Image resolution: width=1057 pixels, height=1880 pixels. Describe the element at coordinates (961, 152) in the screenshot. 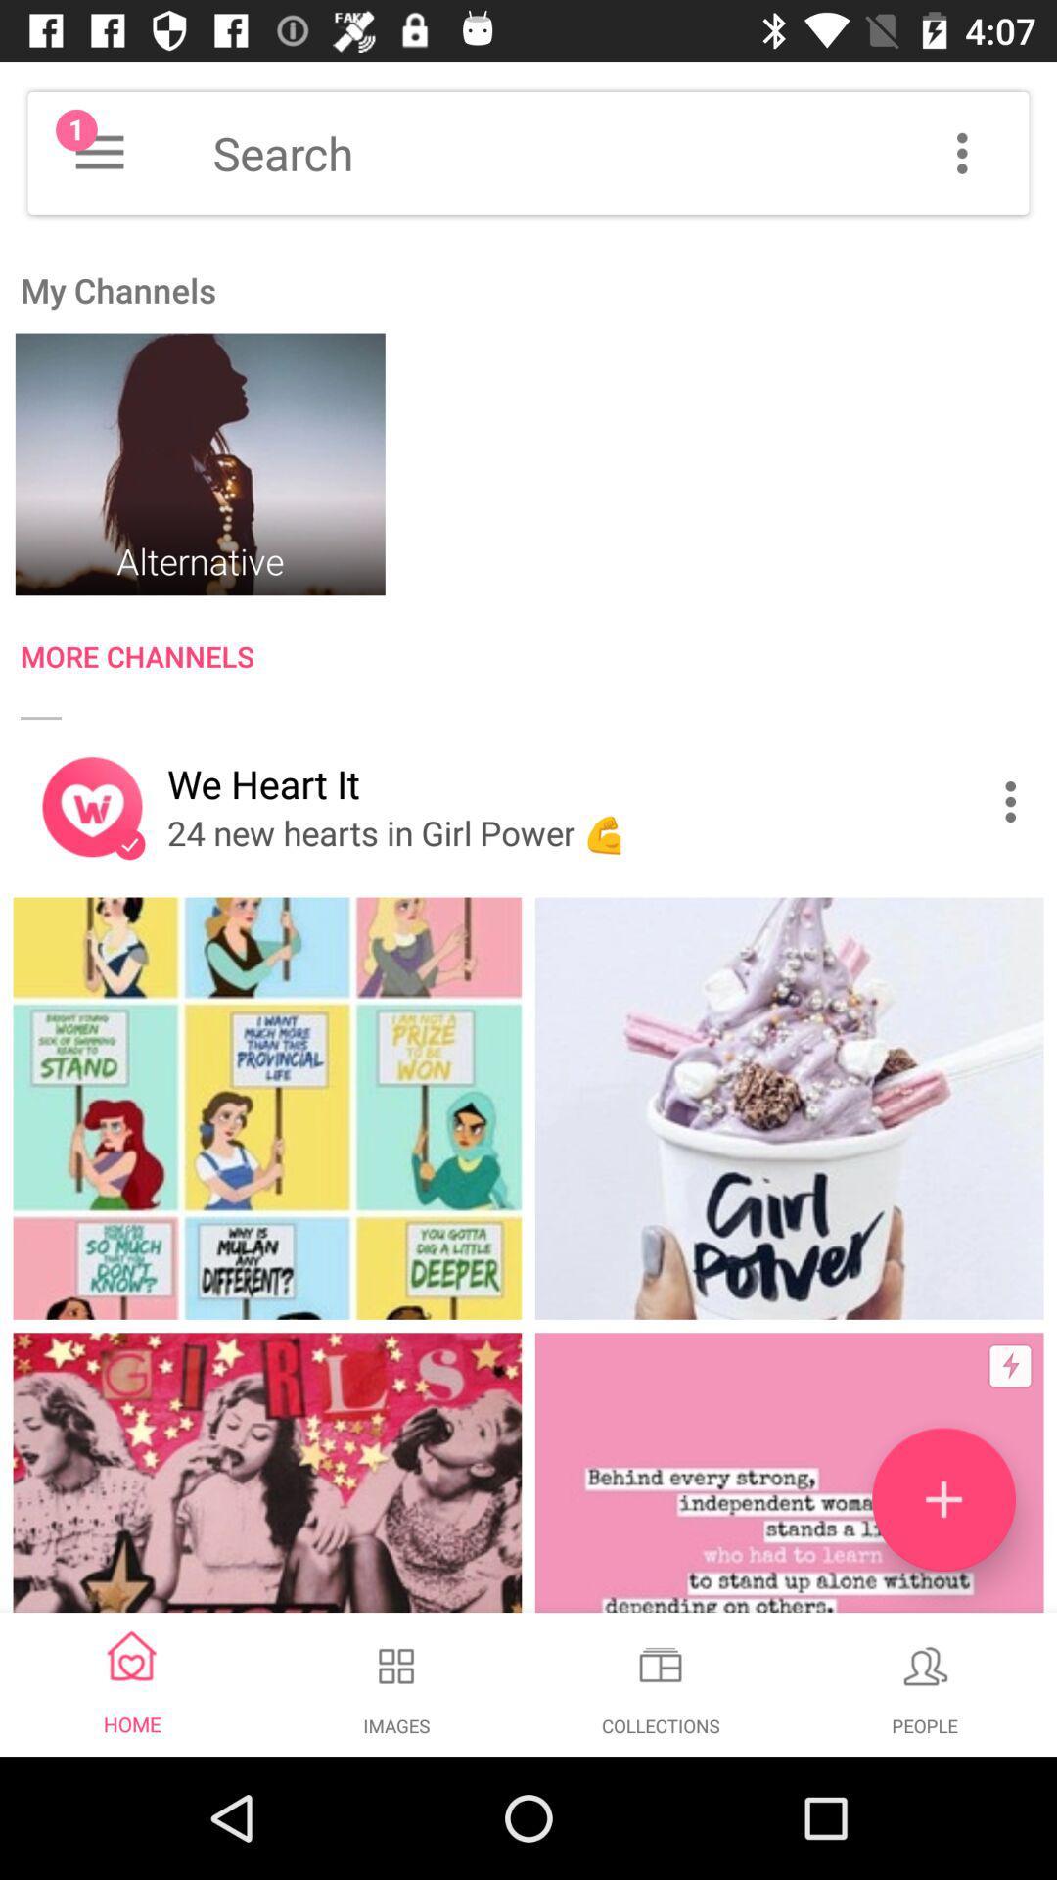

I see `menu` at that location.